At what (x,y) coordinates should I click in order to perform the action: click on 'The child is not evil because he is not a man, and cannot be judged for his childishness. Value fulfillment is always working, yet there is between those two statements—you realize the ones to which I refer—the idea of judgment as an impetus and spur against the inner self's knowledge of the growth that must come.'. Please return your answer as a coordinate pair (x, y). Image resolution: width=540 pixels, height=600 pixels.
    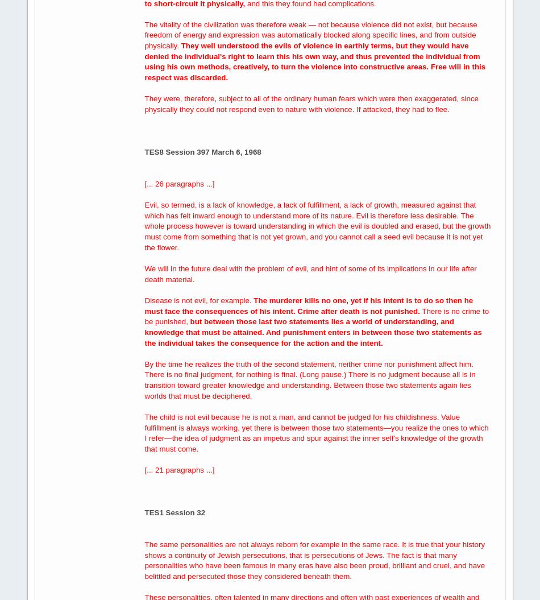
    Looking at the image, I should click on (144, 433).